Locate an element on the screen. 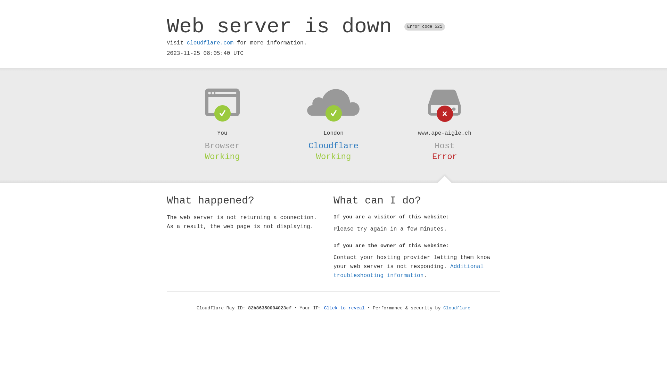 The height and width of the screenshot is (375, 667). 'Cloudflare' is located at coordinates (443, 308).